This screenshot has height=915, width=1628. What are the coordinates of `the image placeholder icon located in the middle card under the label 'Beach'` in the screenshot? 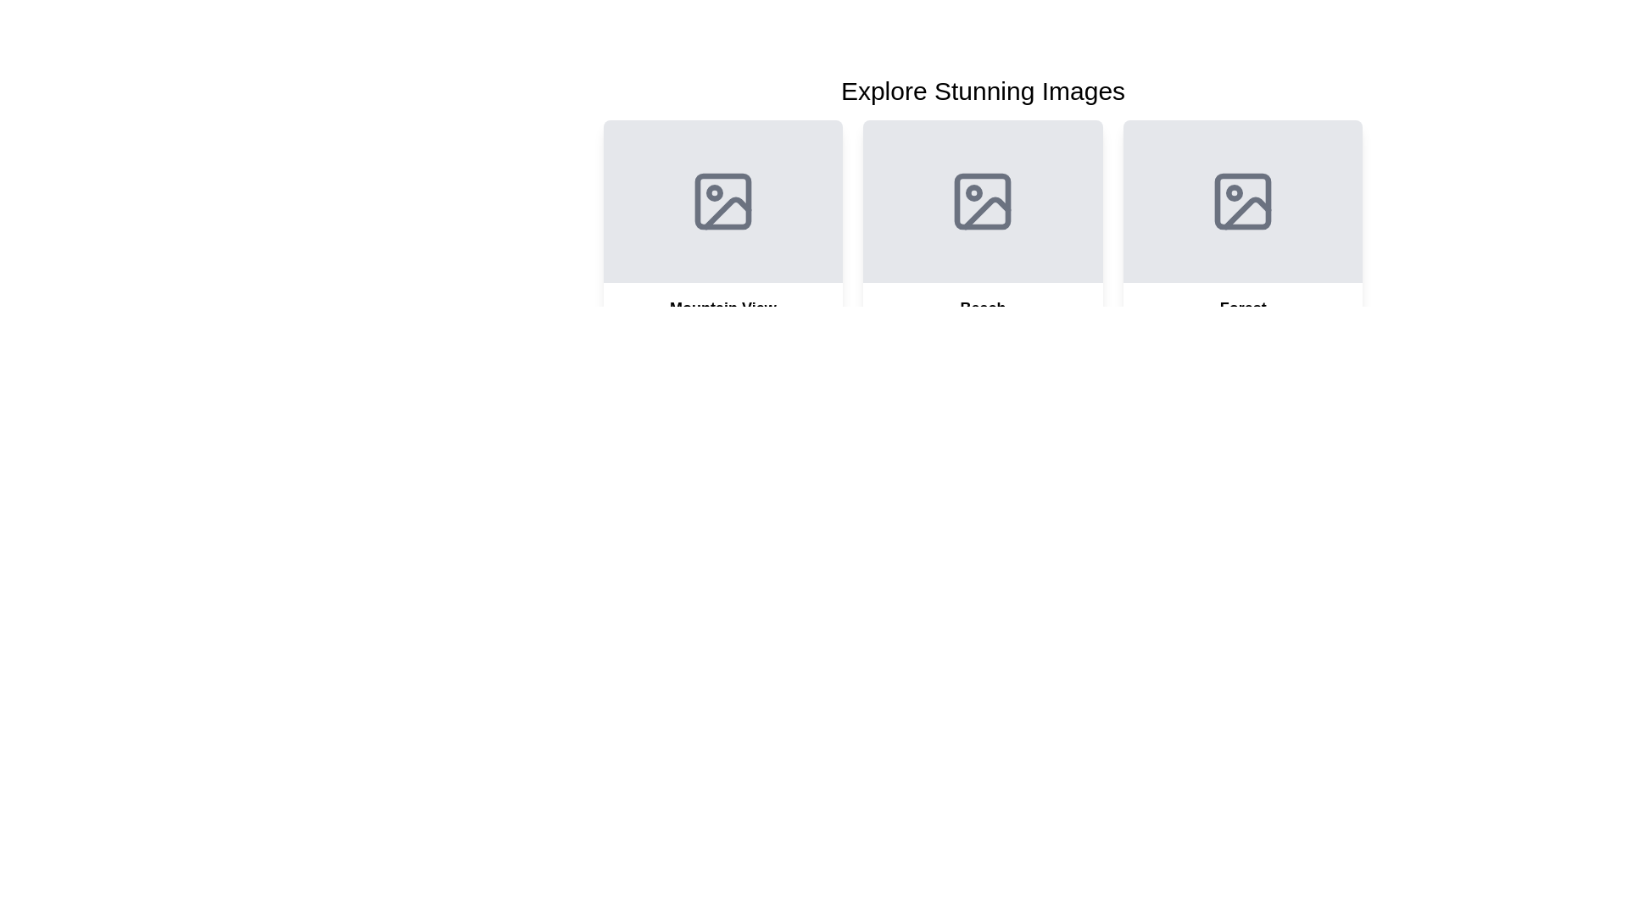 It's located at (983, 201).